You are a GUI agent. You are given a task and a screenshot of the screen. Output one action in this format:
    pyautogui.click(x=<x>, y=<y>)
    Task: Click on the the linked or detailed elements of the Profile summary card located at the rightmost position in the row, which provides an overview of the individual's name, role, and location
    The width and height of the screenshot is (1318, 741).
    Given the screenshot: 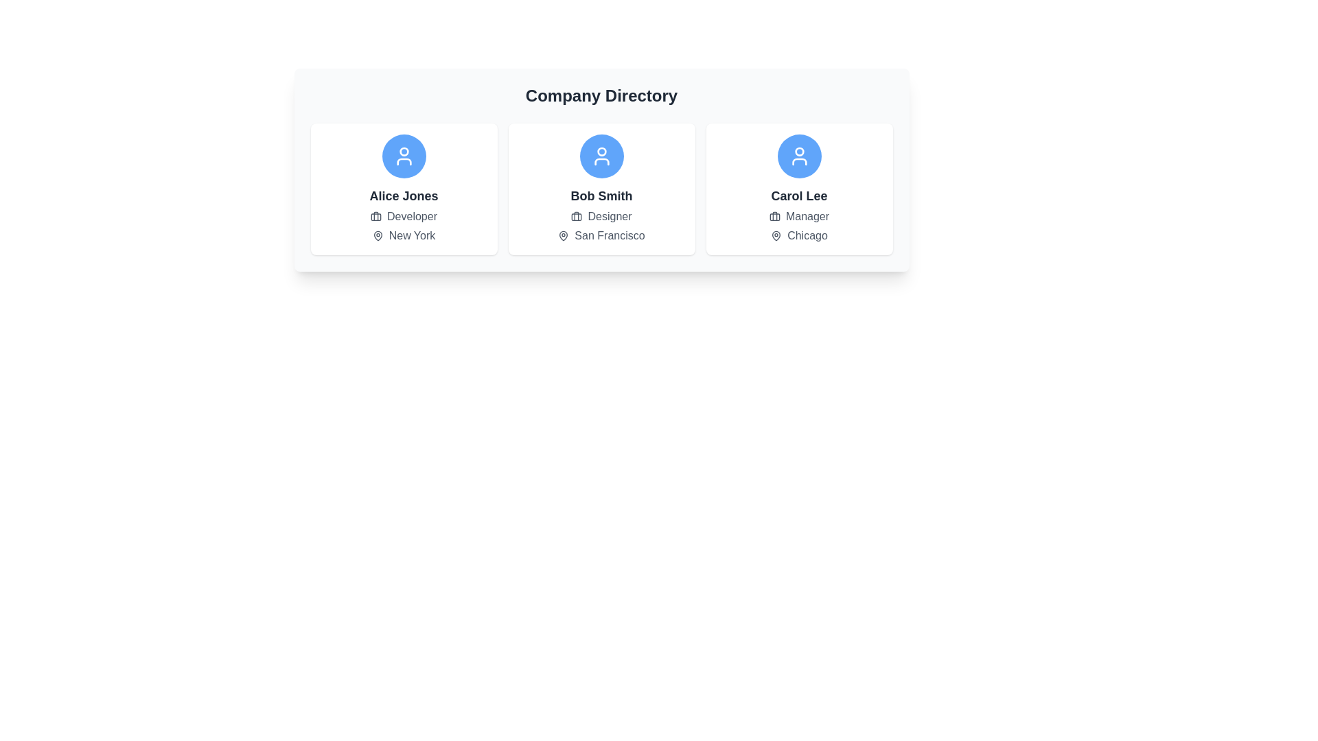 What is the action you would take?
    pyautogui.click(x=799, y=189)
    